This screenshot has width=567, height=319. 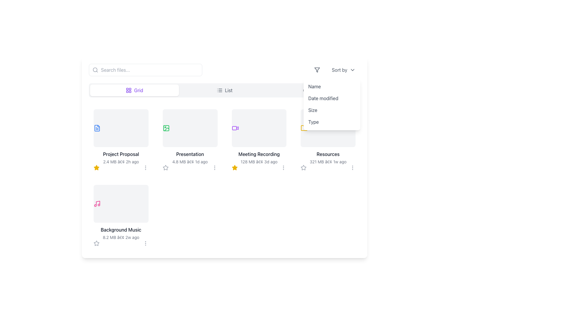 I want to click on the 'Size' button in the dropdown menu, so click(x=332, y=110).